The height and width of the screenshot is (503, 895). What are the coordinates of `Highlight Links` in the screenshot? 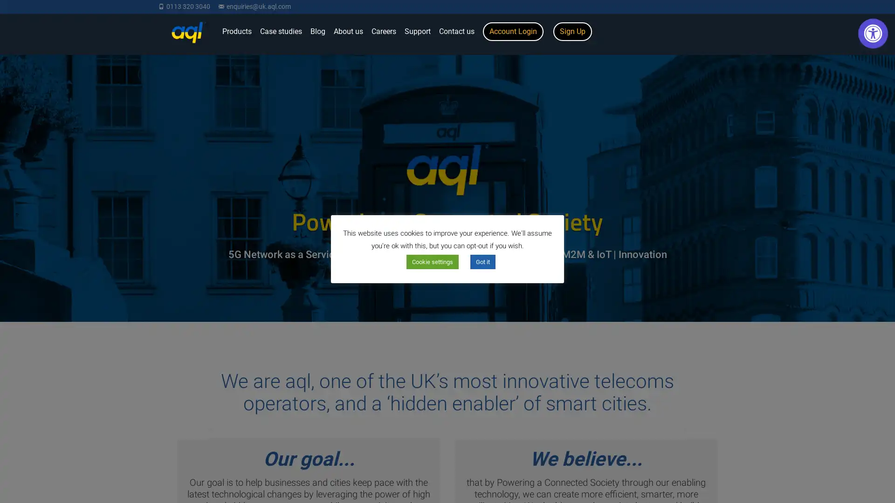 It's located at (813, 217).